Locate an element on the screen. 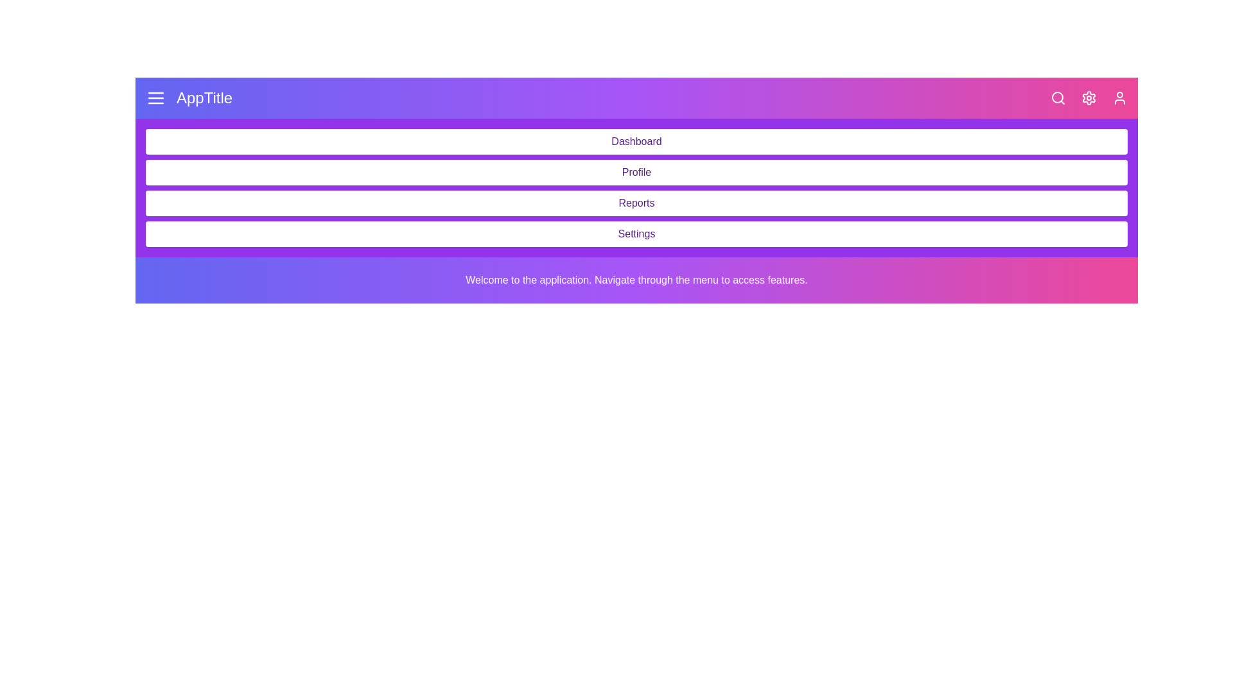 Image resolution: width=1233 pixels, height=693 pixels. the user icon to open user-related options is located at coordinates (1119, 98).